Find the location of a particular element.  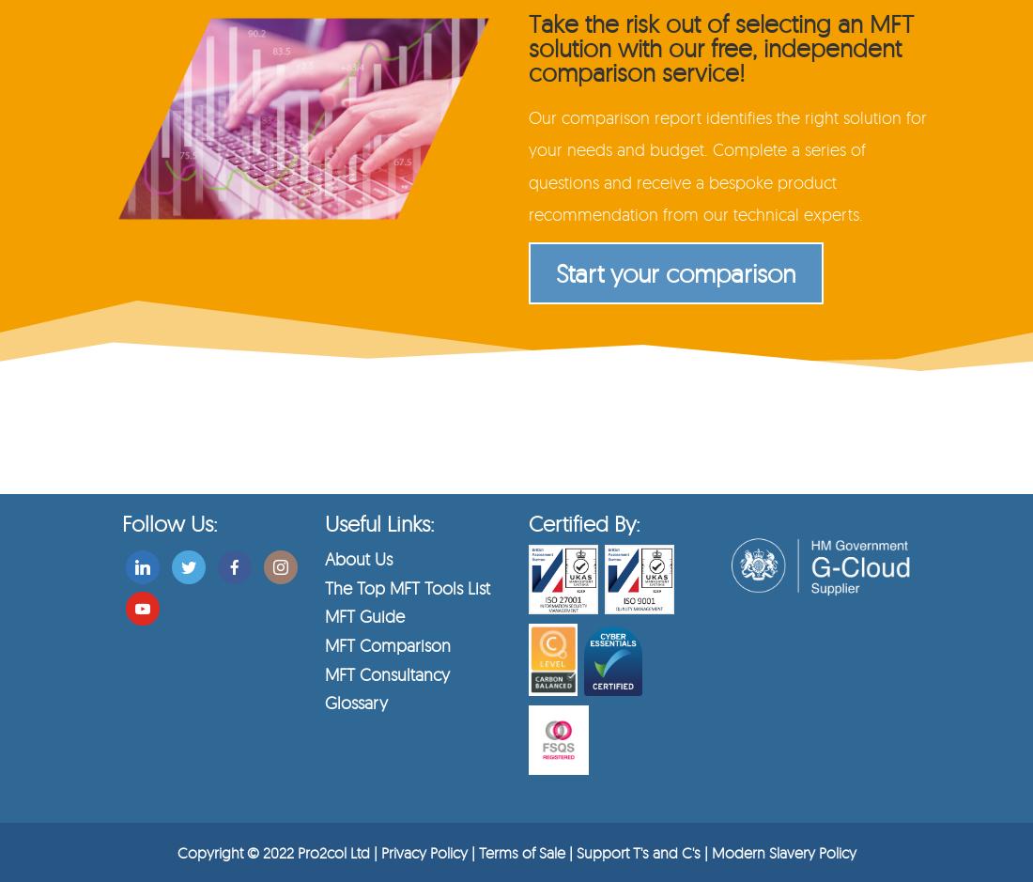

'MFT Comparison' is located at coordinates (387, 644).